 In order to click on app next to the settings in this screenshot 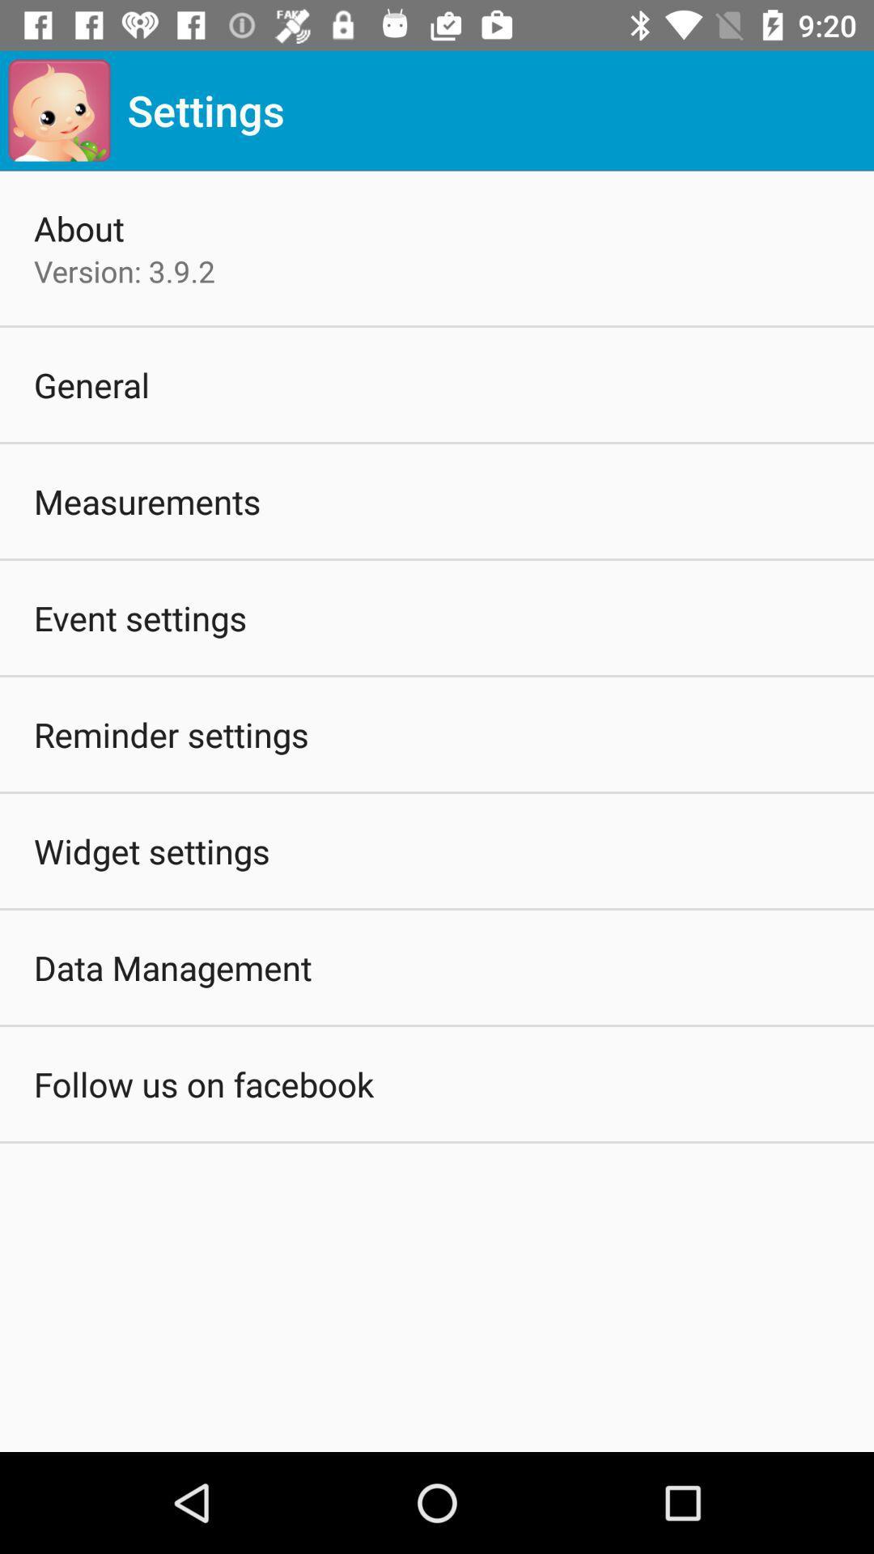, I will do `click(58, 109)`.